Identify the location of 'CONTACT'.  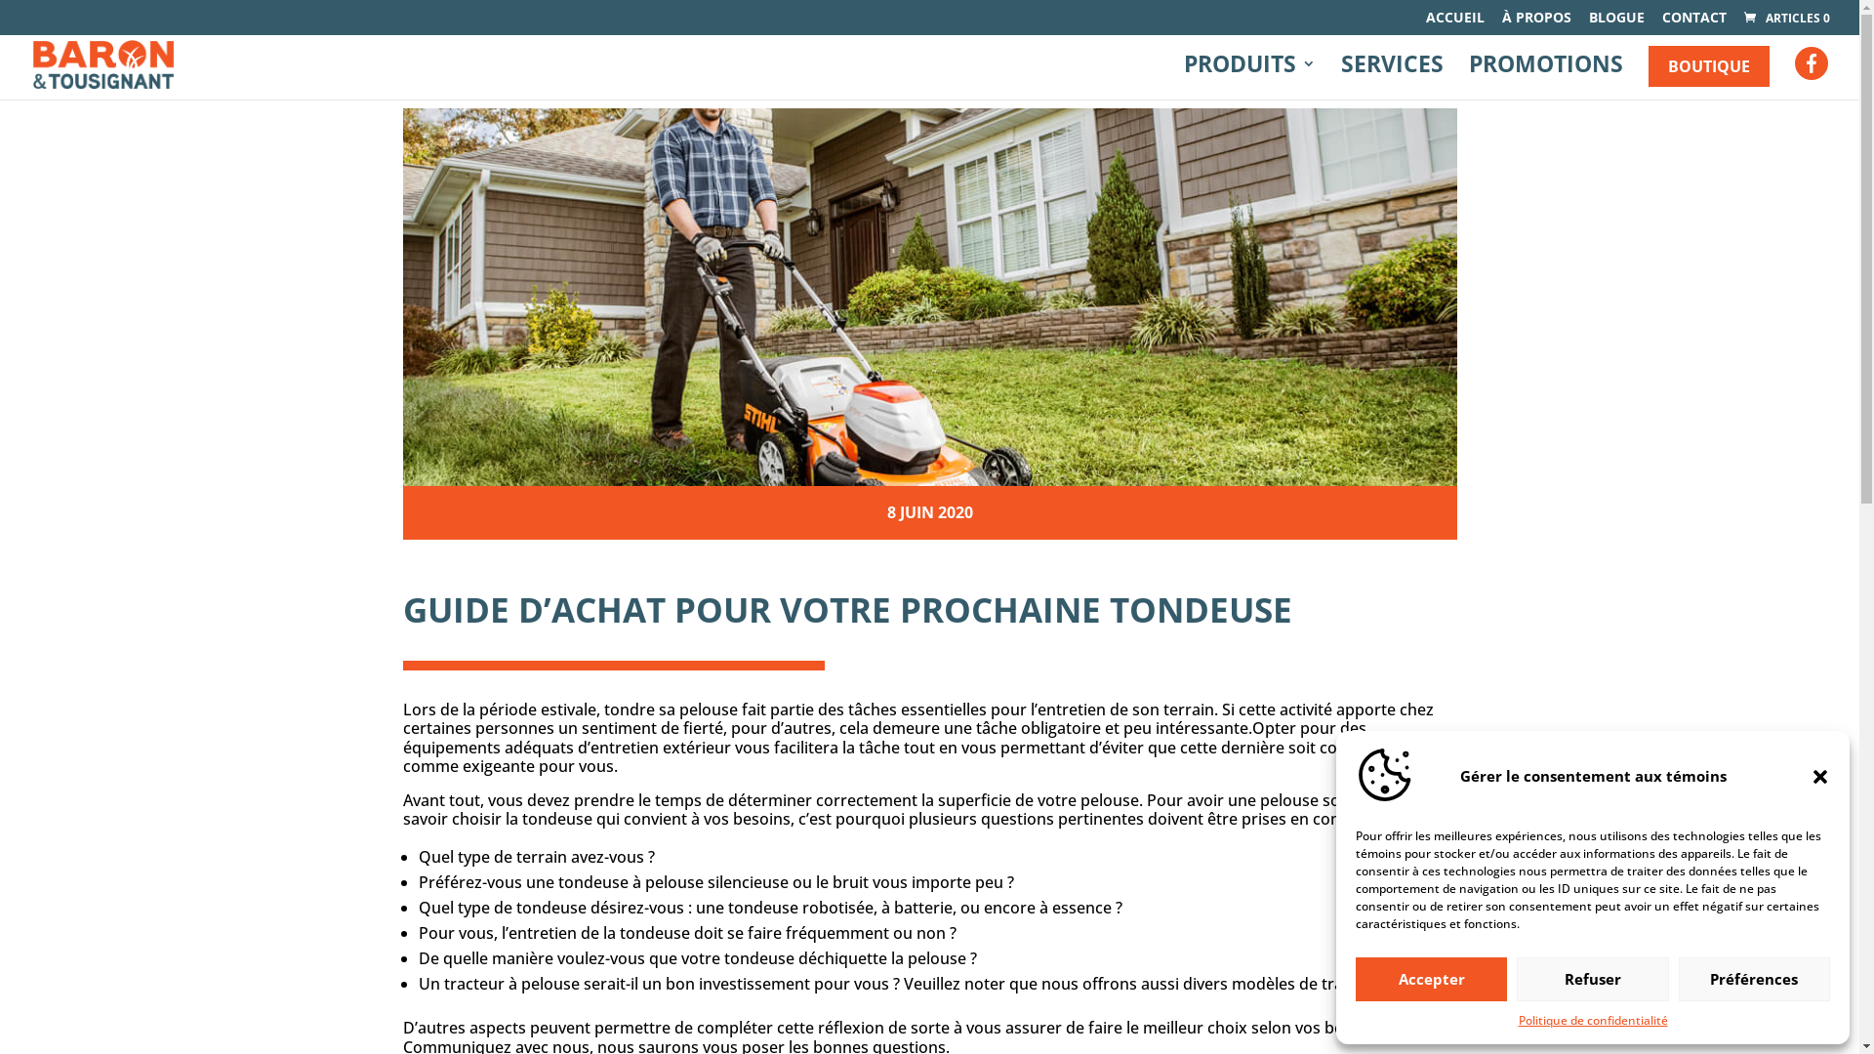
(1693, 22).